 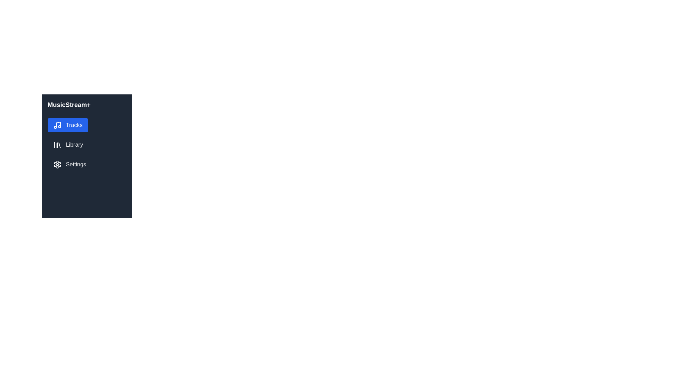 I want to click on the musical note icon, which is styled in a minimalistic design and is white on a blue background, located next to the text 'Tracks' in the vertical navigation menu, so click(x=57, y=125).